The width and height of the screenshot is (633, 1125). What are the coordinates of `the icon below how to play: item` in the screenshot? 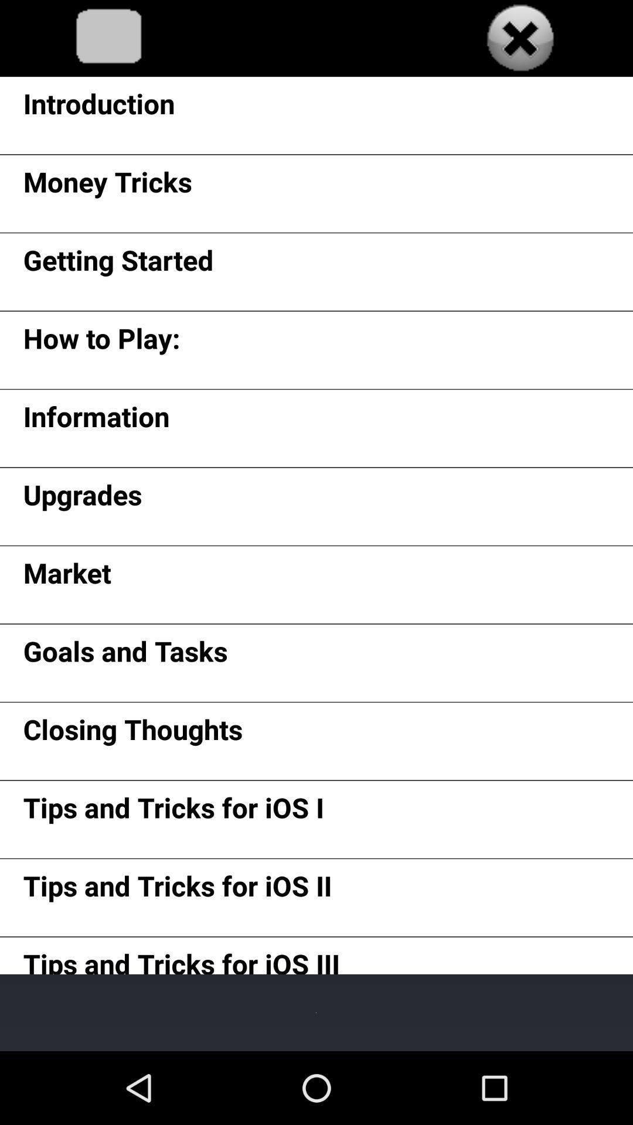 It's located at (96, 421).